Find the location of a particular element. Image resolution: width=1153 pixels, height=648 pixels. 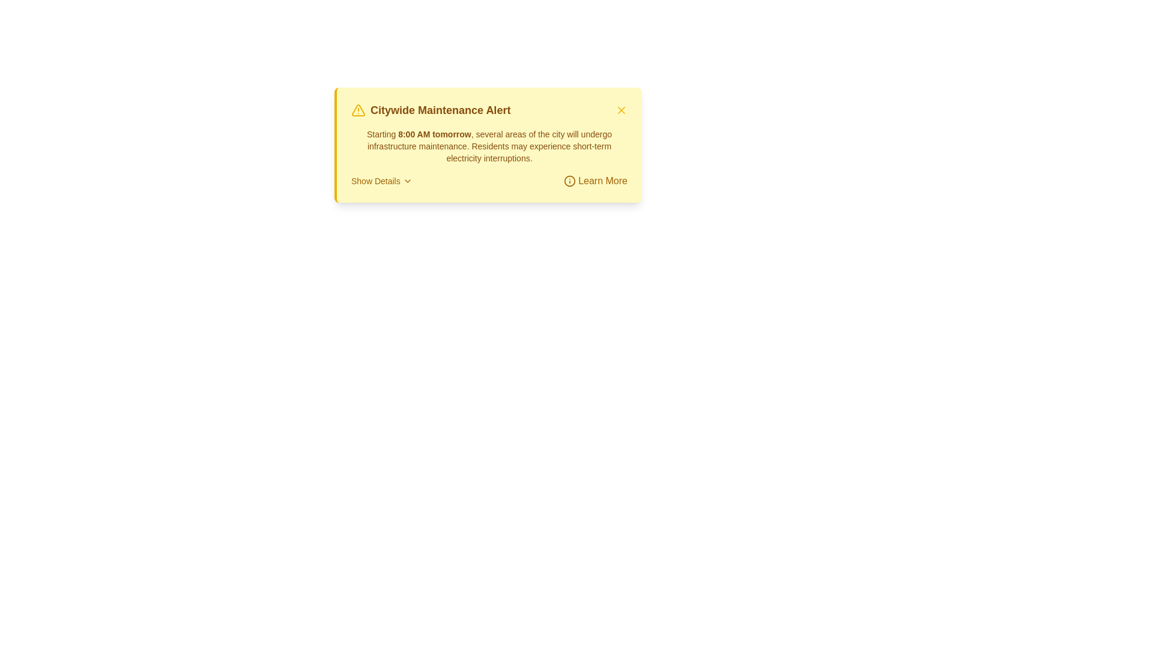

the downward pointing chevron icon located immediately to the right of the 'Show Details' text in the notification box is located at coordinates (407, 181).